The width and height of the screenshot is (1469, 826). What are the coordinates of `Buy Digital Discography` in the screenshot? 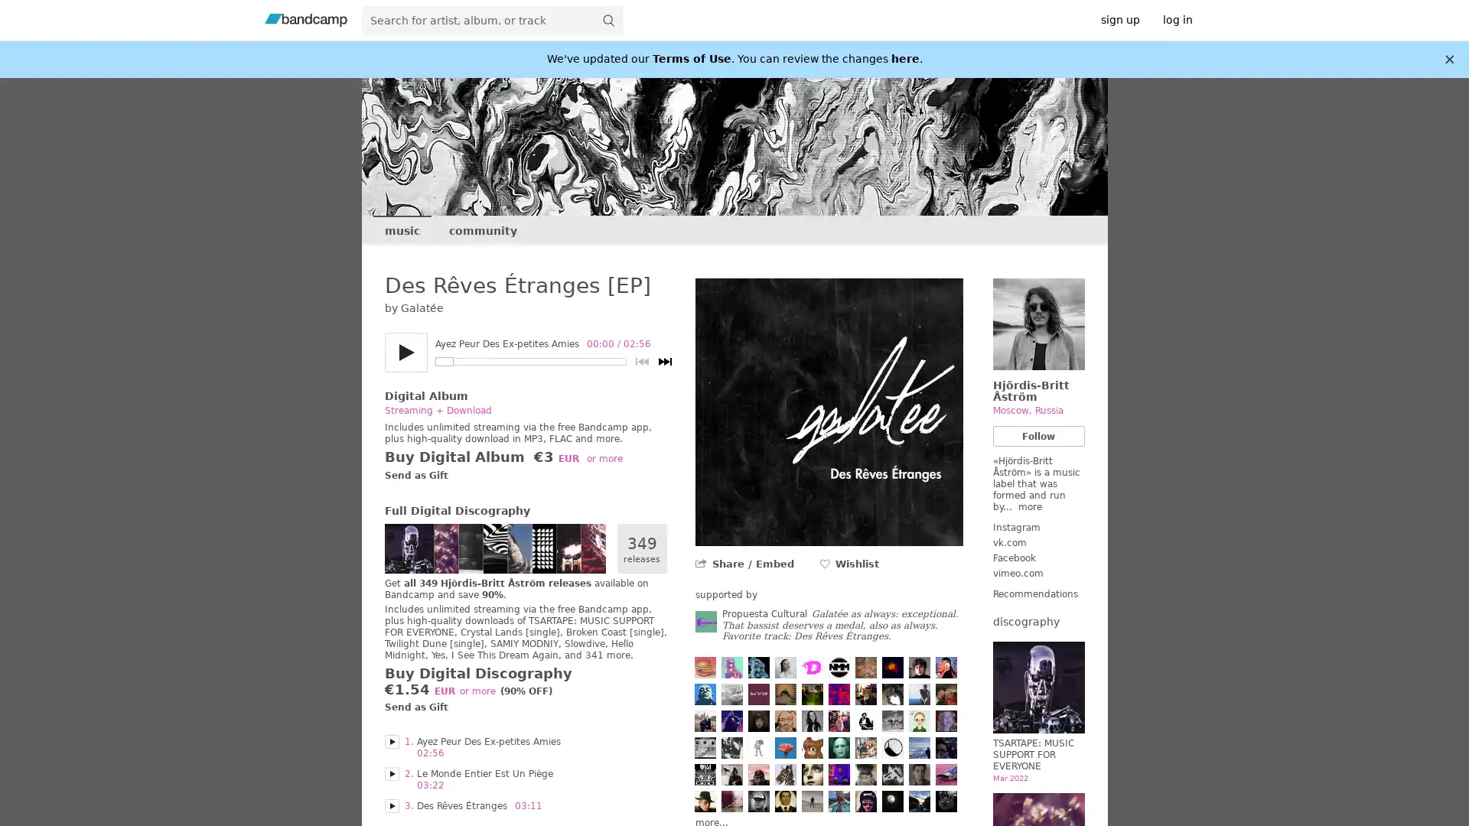 It's located at (477, 672).